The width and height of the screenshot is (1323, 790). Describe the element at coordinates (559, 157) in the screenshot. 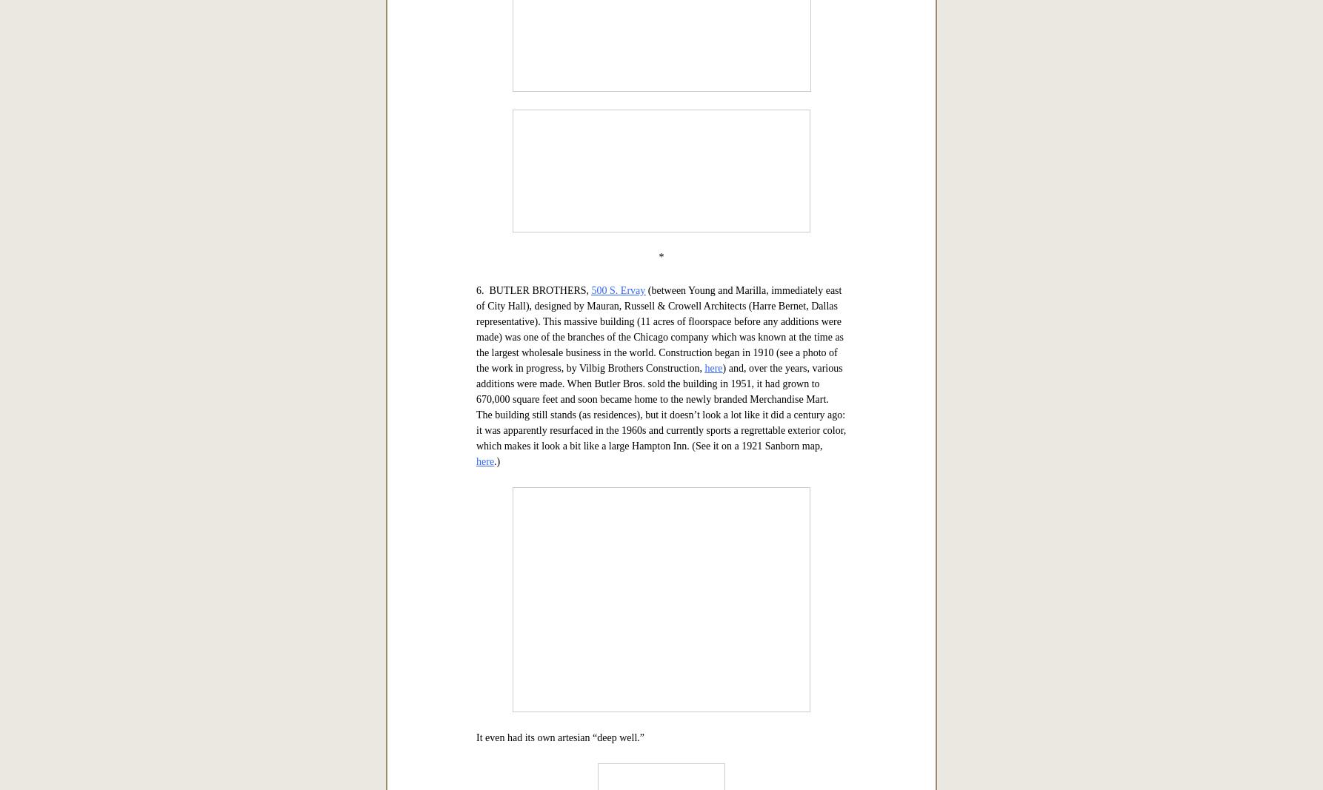

I see `'5.  S. G. DAVIS HAT CO. BUILDING,'` at that location.